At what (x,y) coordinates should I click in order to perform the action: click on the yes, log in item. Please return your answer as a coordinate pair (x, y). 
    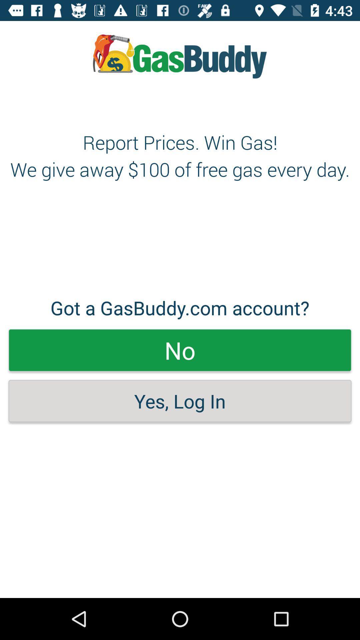
    Looking at the image, I should click on (180, 401).